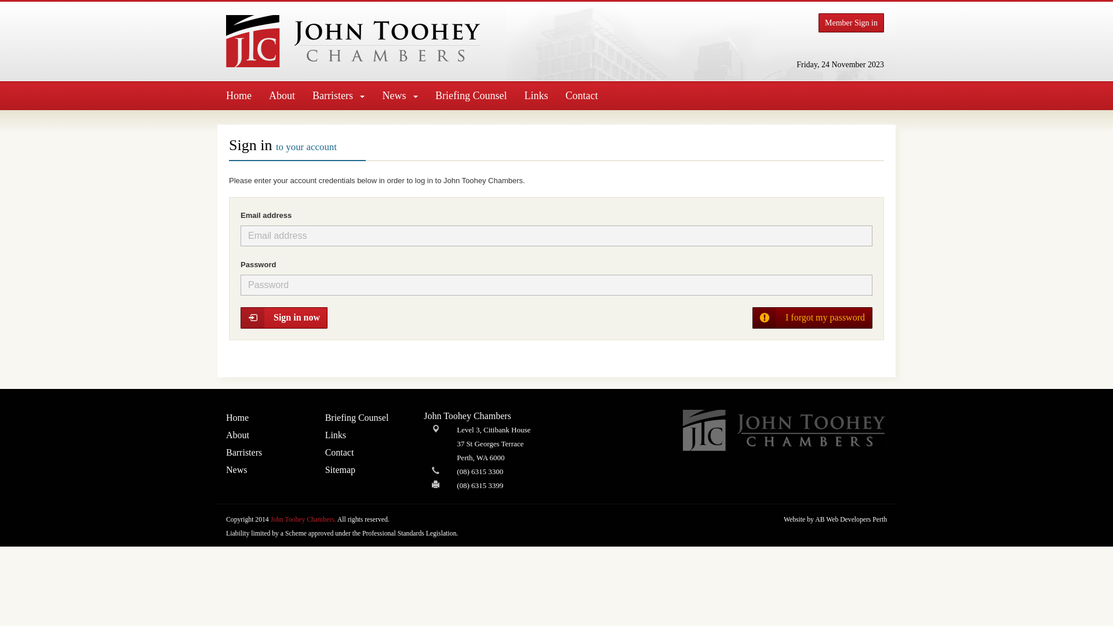 The image size is (1113, 626). Describe the element at coordinates (851, 23) in the screenshot. I see `'Member Sign in'` at that location.